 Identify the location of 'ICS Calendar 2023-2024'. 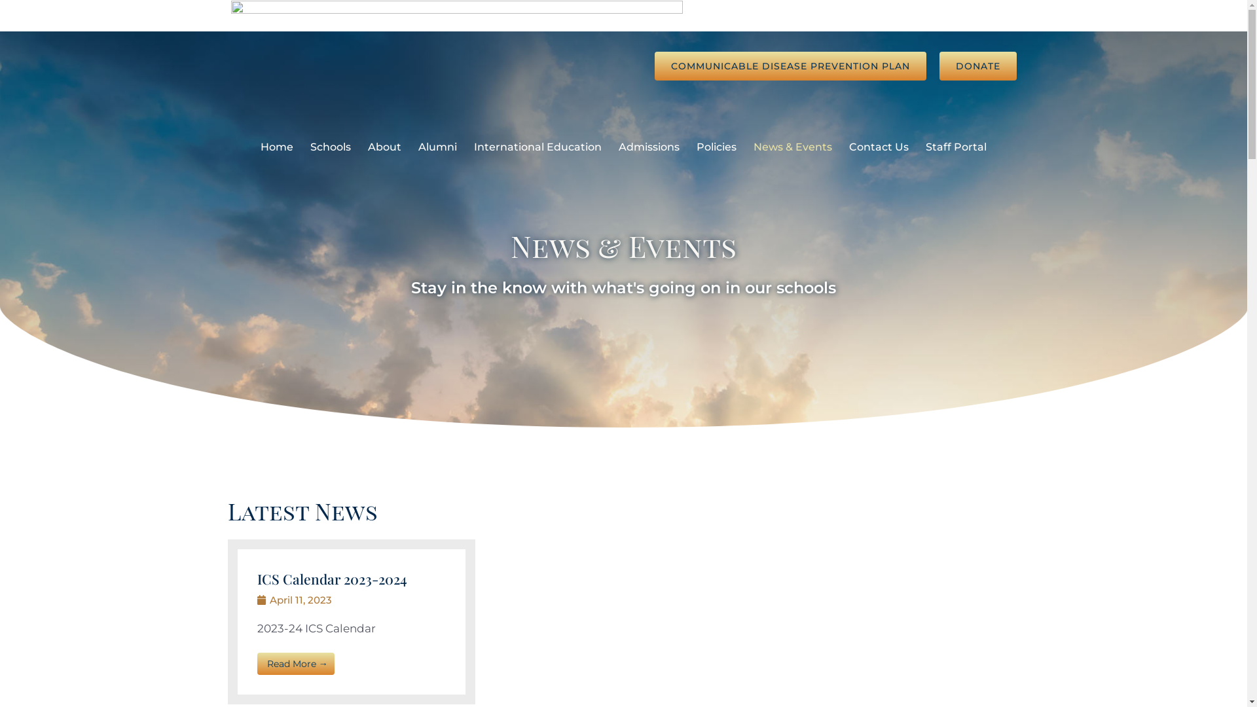
(332, 577).